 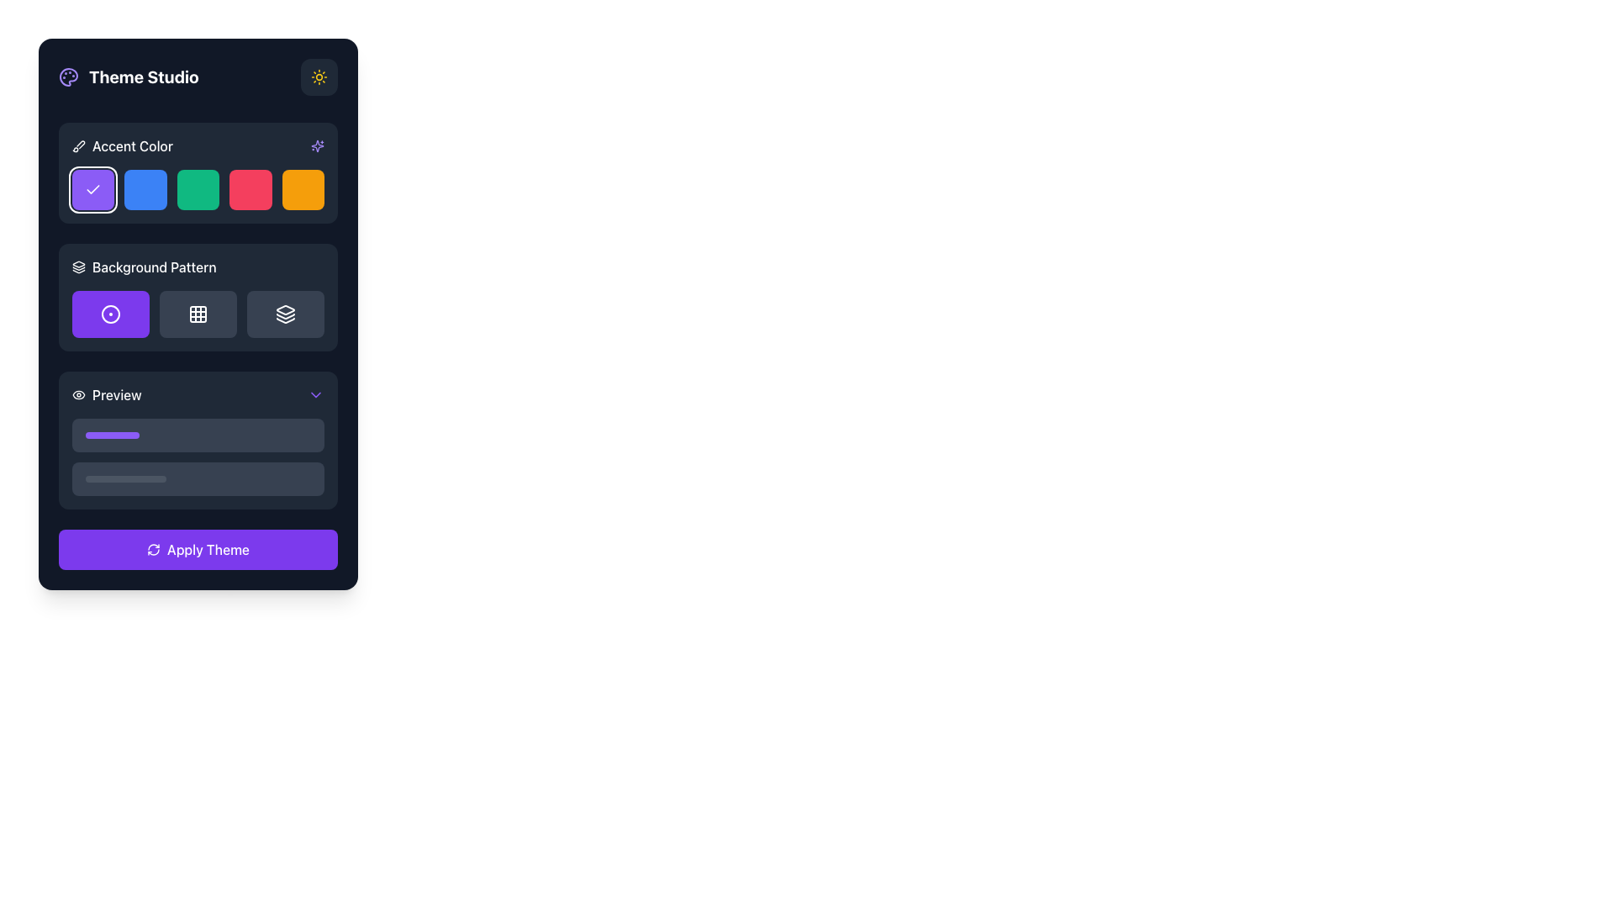 What do you see at coordinates (198, 314) in the screenshot?
I see `the square-shaped button with a dark gray background and a 3x3 grid icon` at bounding box center [198, 314].